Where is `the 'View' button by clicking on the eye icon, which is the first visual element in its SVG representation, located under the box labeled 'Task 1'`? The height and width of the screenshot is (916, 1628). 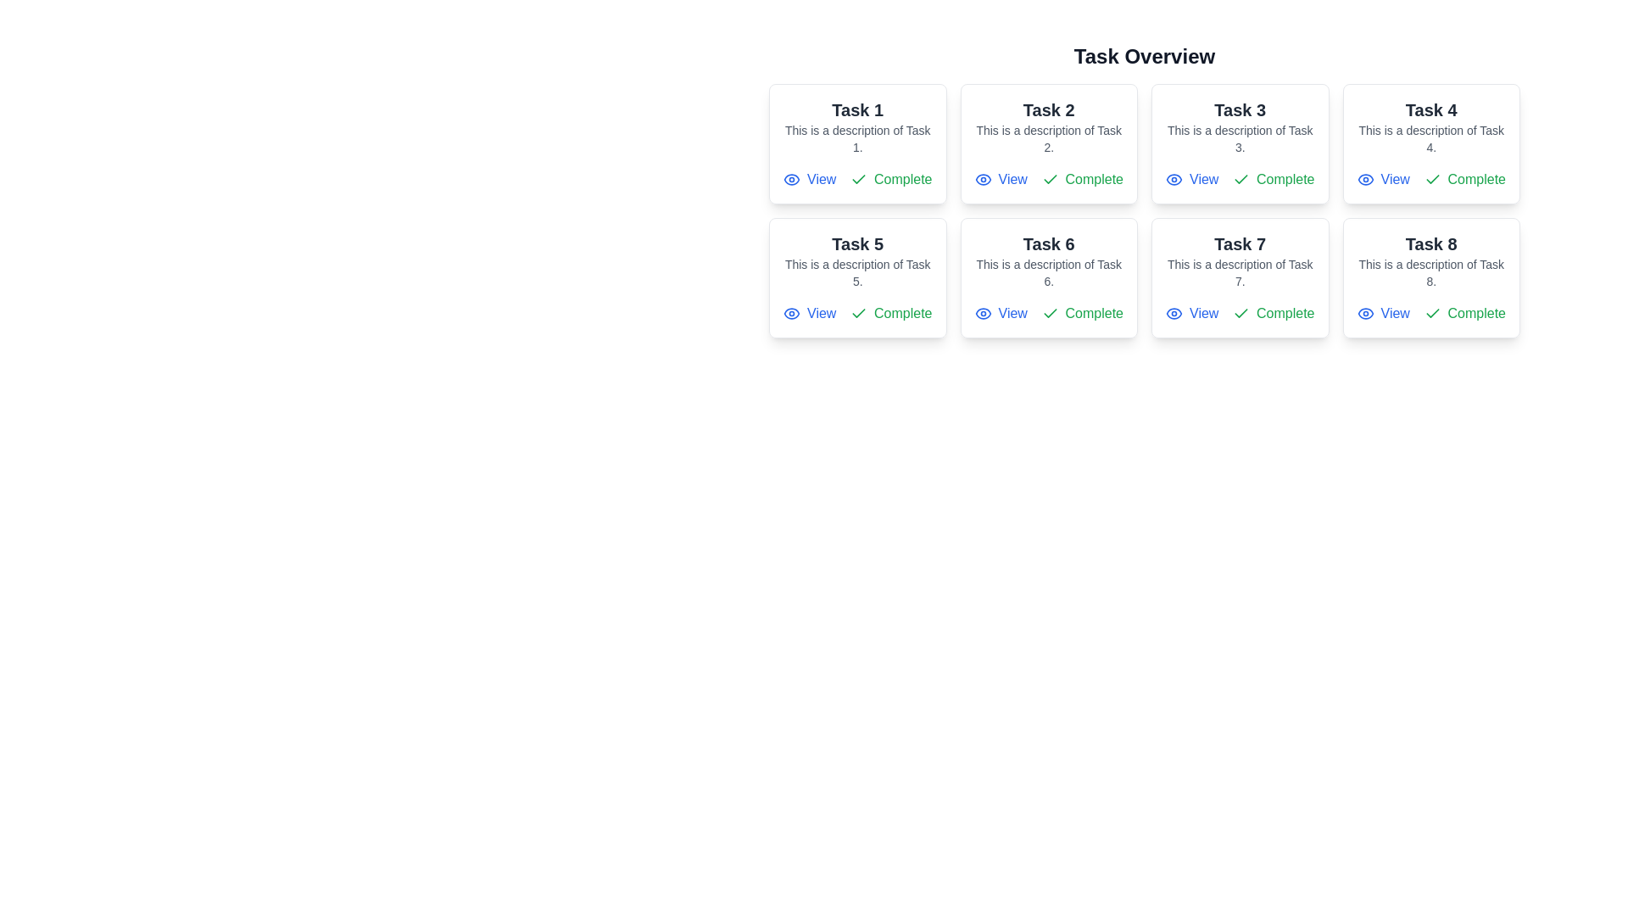 the 'View' button by clicking on the eye icon, which is the first visual element in its SVG representation, located under the box labeled 'Task 1' is located at coordinates (983, 314).